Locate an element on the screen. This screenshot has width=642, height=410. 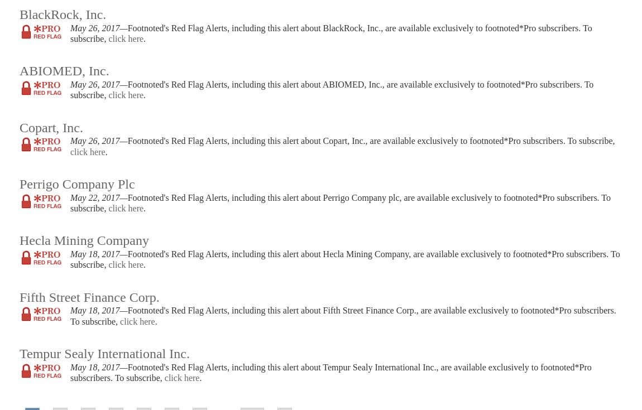
'Footnoted's Red Flag Alerts, including this alert about Hecla Mining Company, are available exclusively to footnoted*Pro subscribers. To subscribe,' is located at coordinates (70, 259).